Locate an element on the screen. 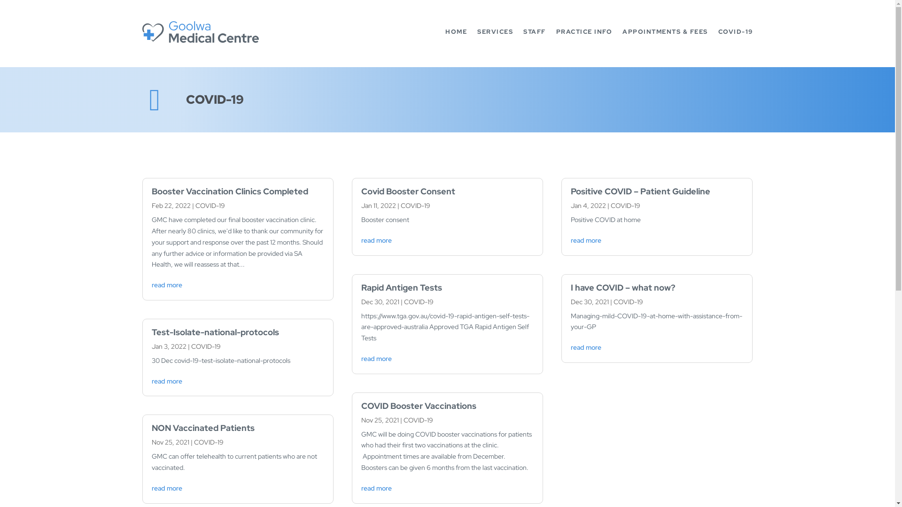 The image size is (902, 507). 'read more' is located at coordinates (585, 240).